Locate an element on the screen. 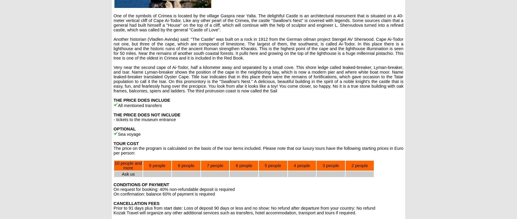  '3 people' is located at coordinates (330, 165).